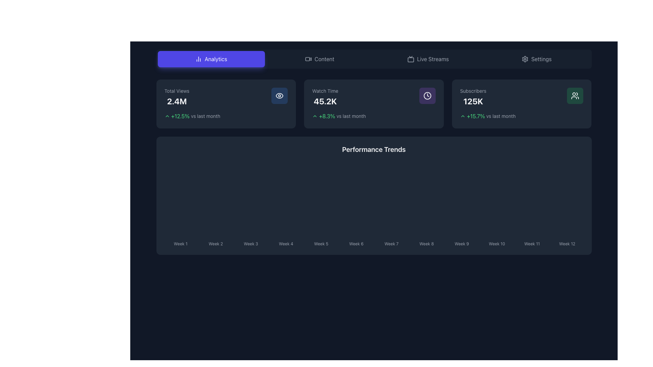 The height and width of the screenshot is (367, 653). Describe the element at coordinates (525, 58) in the screenshot. I see `the gear-shaped icon located in the top-right corner of the interface` at that location.